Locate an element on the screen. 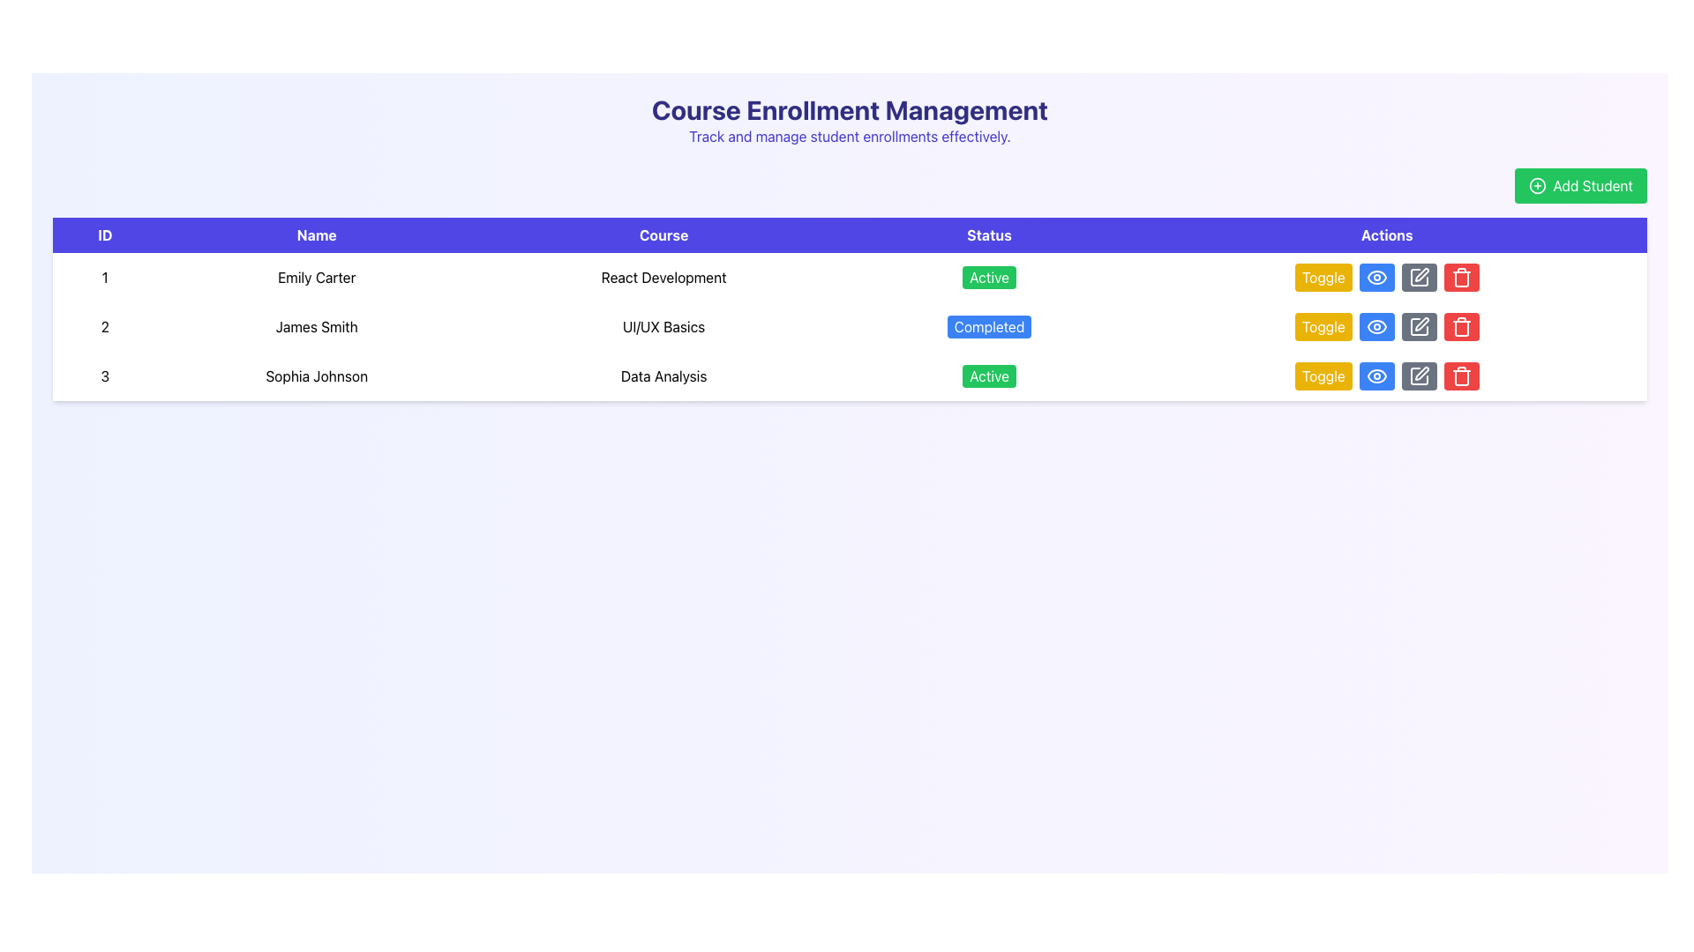 This screenshot has height=952, width=1694. the blue visibility button with an eye icon located in the 'Actions' column, second row of the table is located at coordinates (1375, 376).